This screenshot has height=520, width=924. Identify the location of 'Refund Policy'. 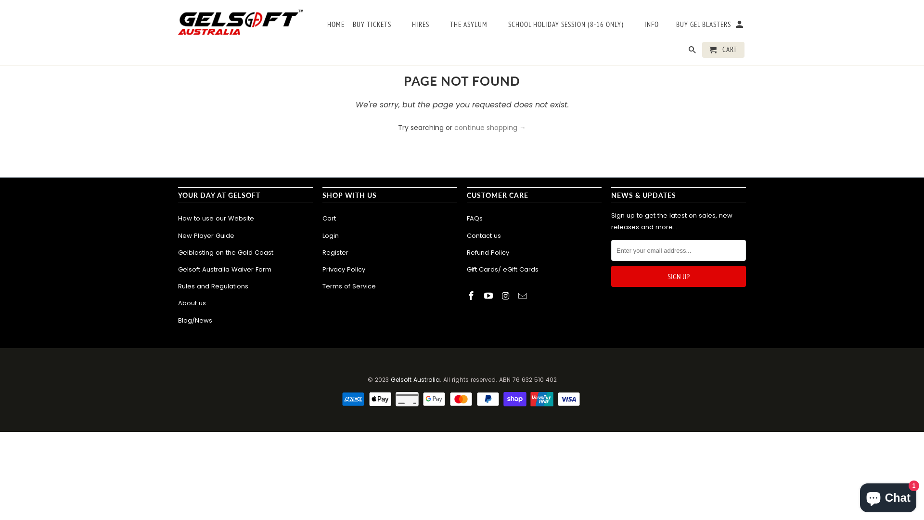
(488, 252).